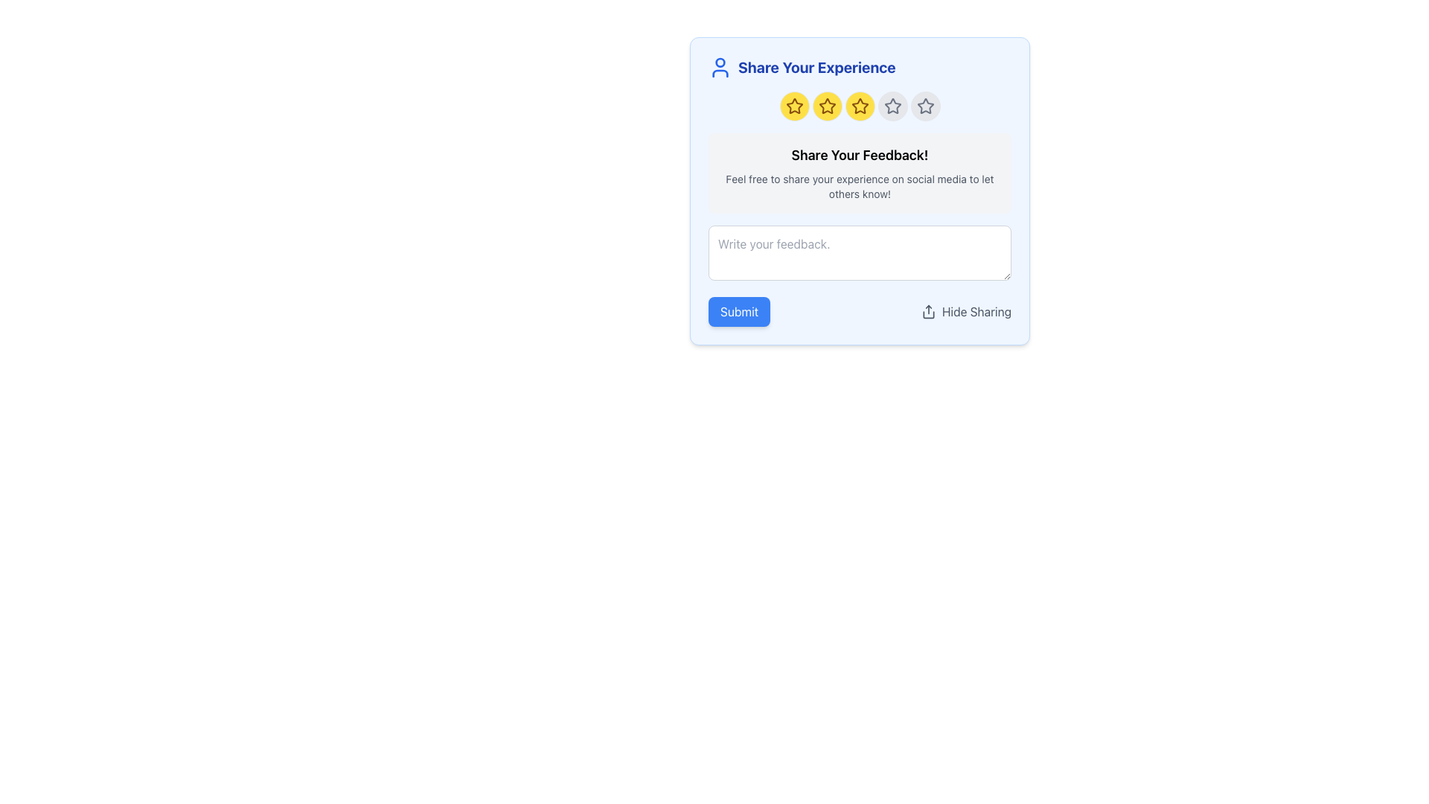  What do you see at coordinates (739, 311) in the screenshot?
I see `the submit button located at the bottom left of the card, which initiates the submission of feedback or information` at bounding box center [739, 311].